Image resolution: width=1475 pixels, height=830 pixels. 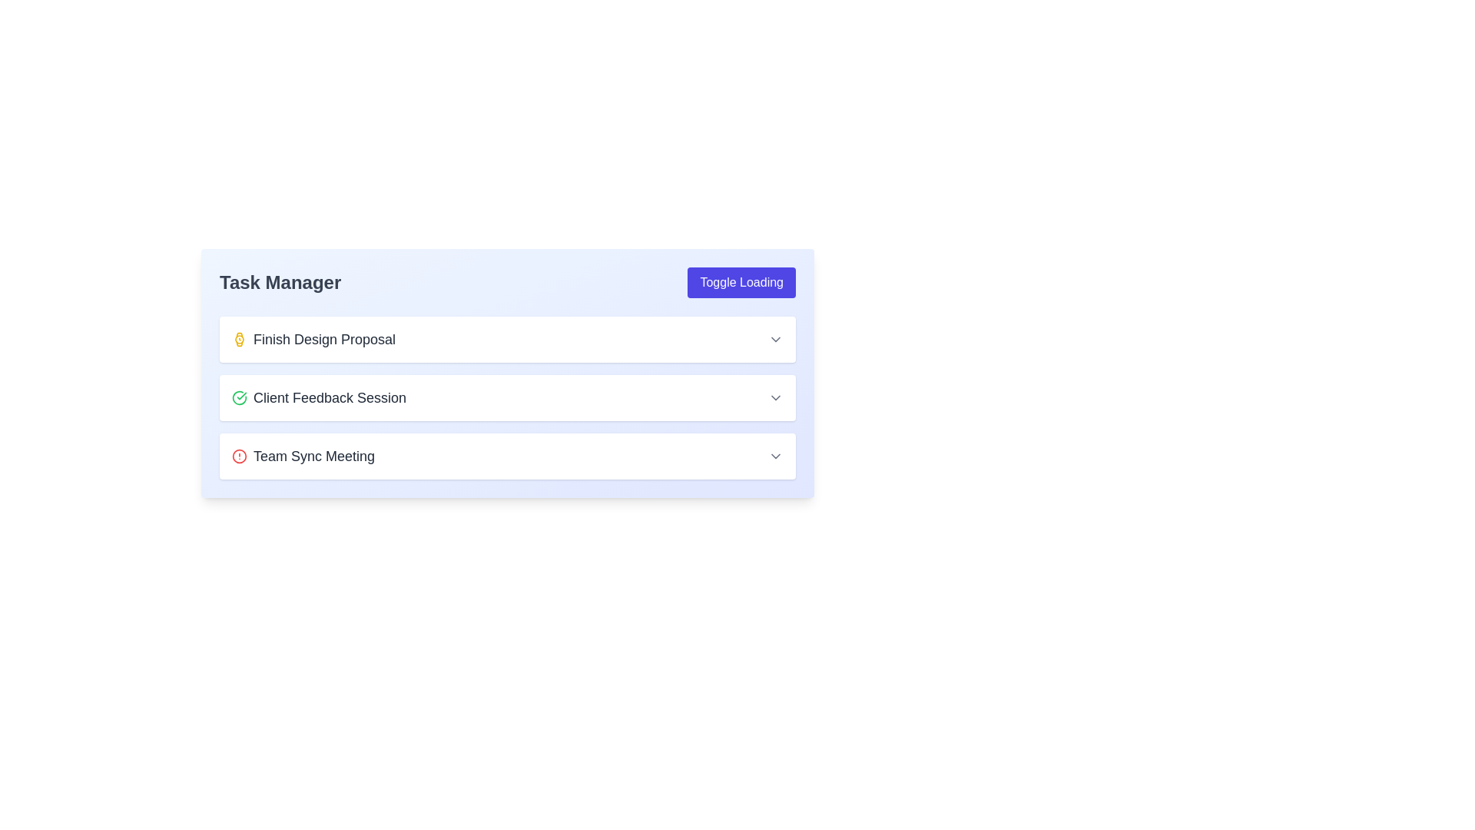 What do you see at coordinates (775, 456) in the screenshot?
I see `the downward-facing gray chevron icon at the right end of the 'Team Sync Meeting' row` at bounding box center [775, 456].